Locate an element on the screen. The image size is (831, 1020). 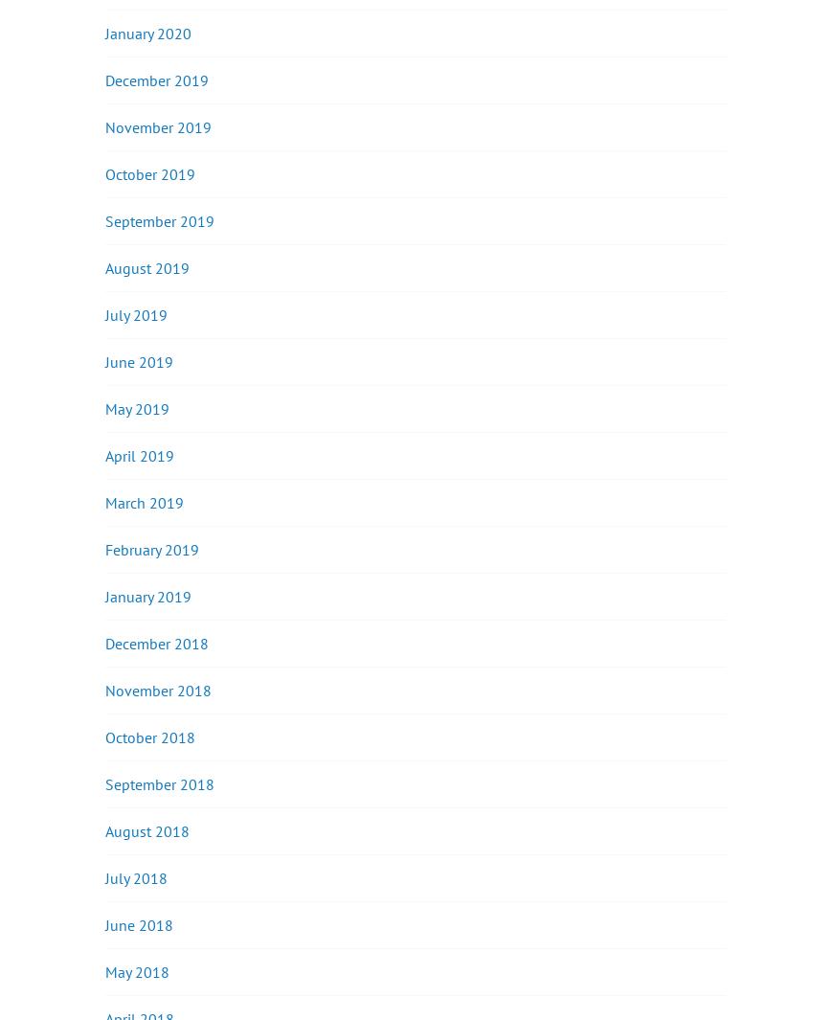
'September 2019' is located at coordinates (160, 219).